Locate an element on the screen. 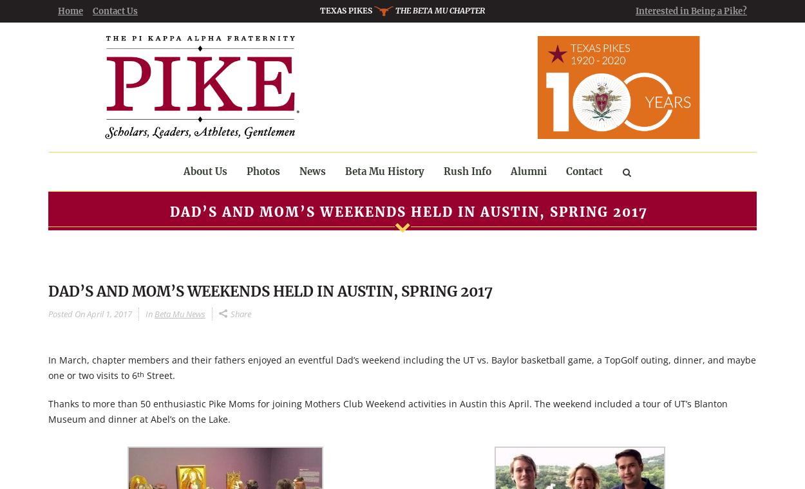 This screenshot has width=805, height=489. 'Share' is located at coordinates (240, 313).